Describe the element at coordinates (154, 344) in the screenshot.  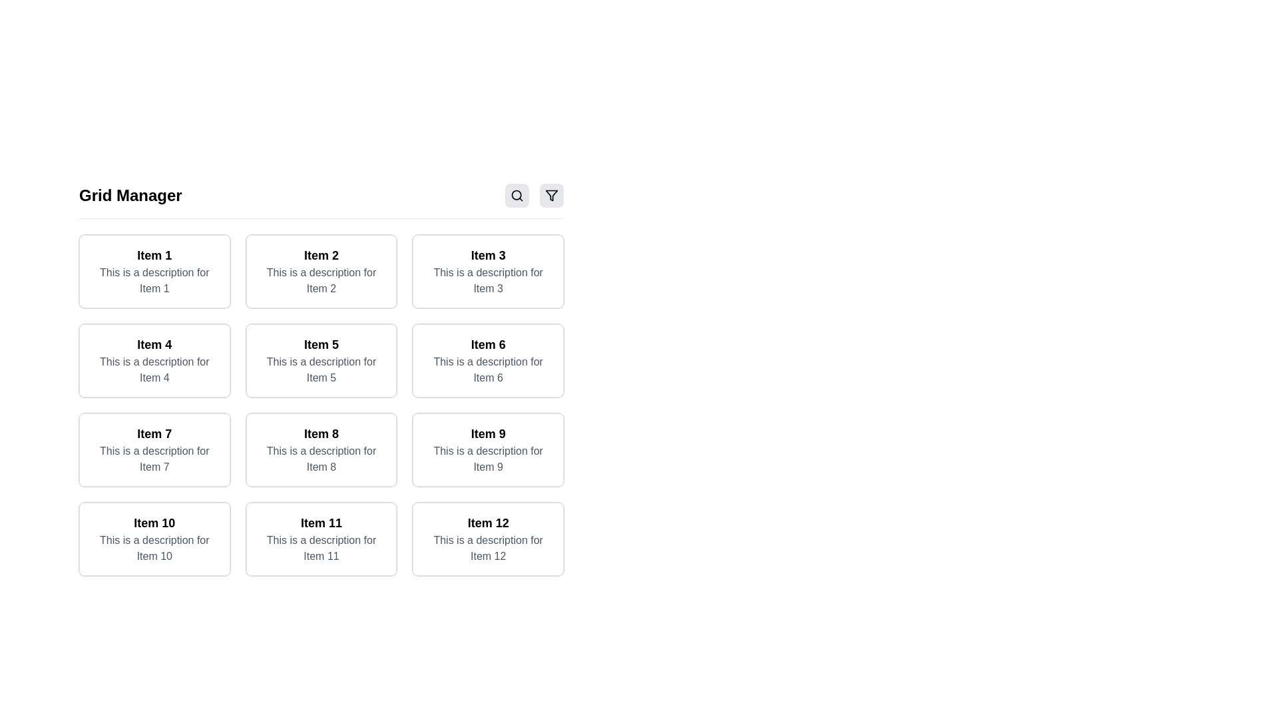
I see `the bold text label reading 'Item 4' located in the second row, first column of the grid layout inside a card component` at that location.